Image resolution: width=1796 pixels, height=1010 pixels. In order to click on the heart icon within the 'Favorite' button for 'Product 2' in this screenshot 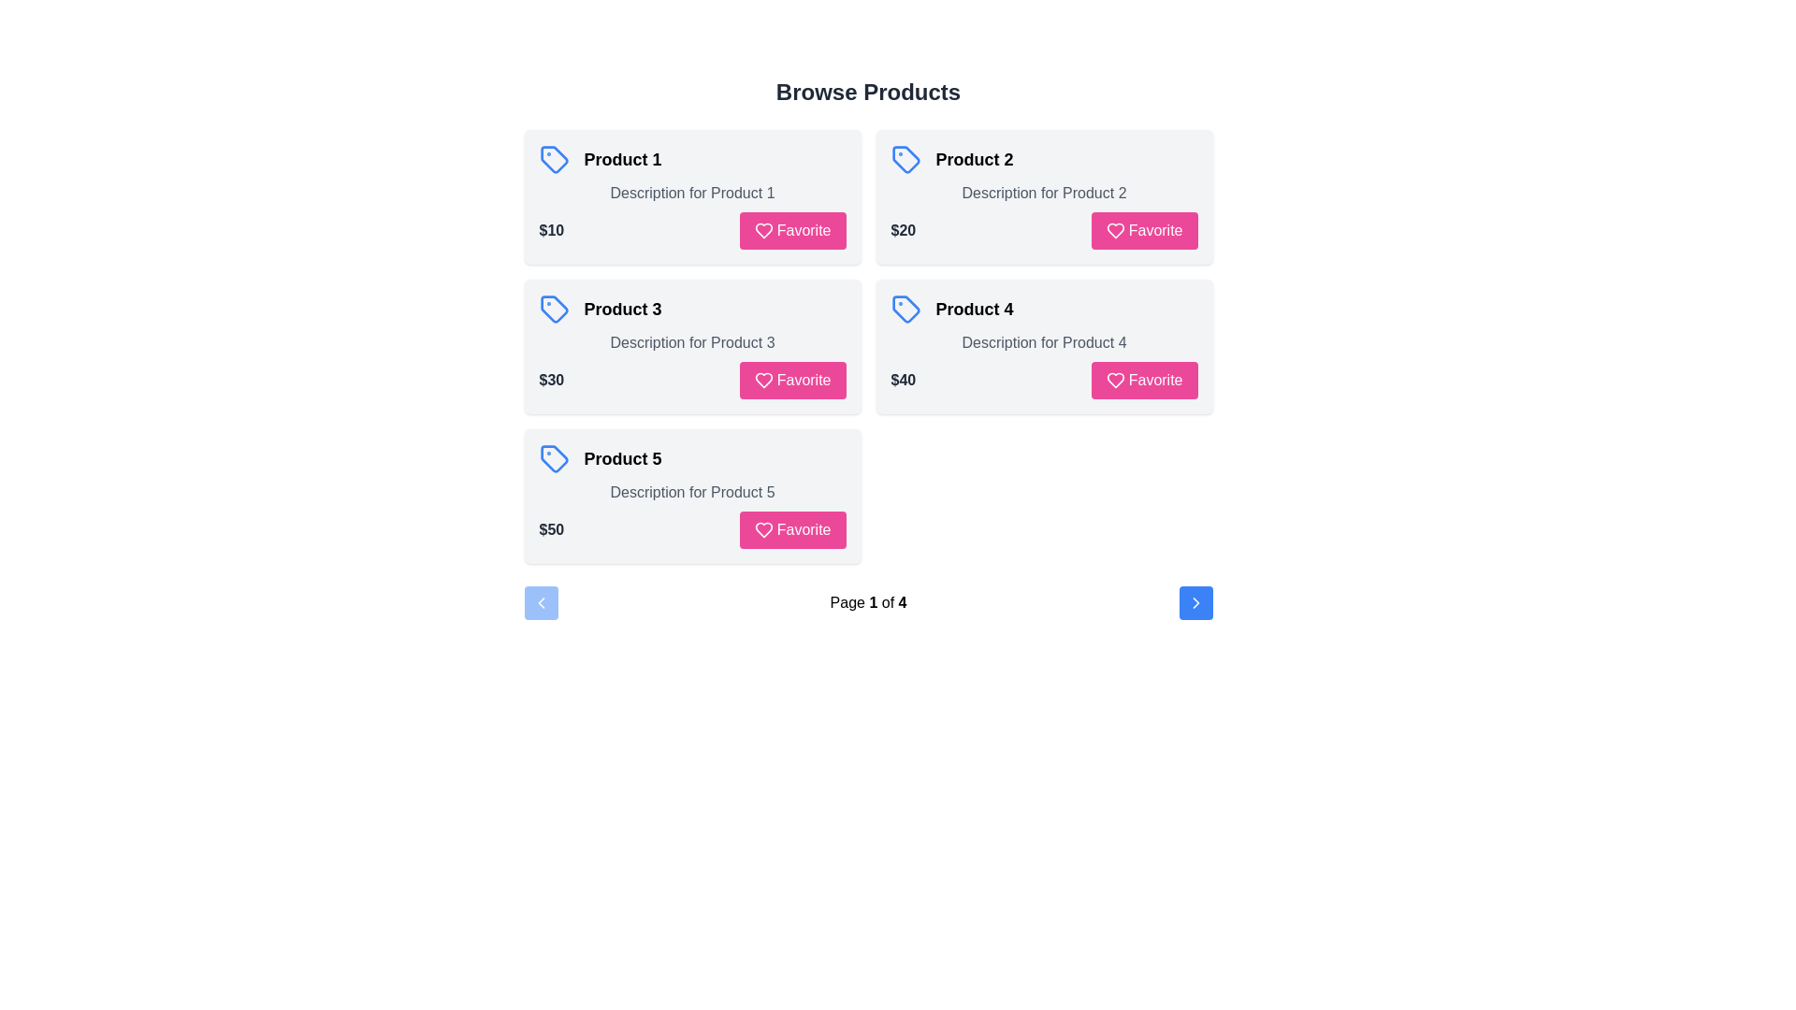, I will do `click(1115, 229)`.